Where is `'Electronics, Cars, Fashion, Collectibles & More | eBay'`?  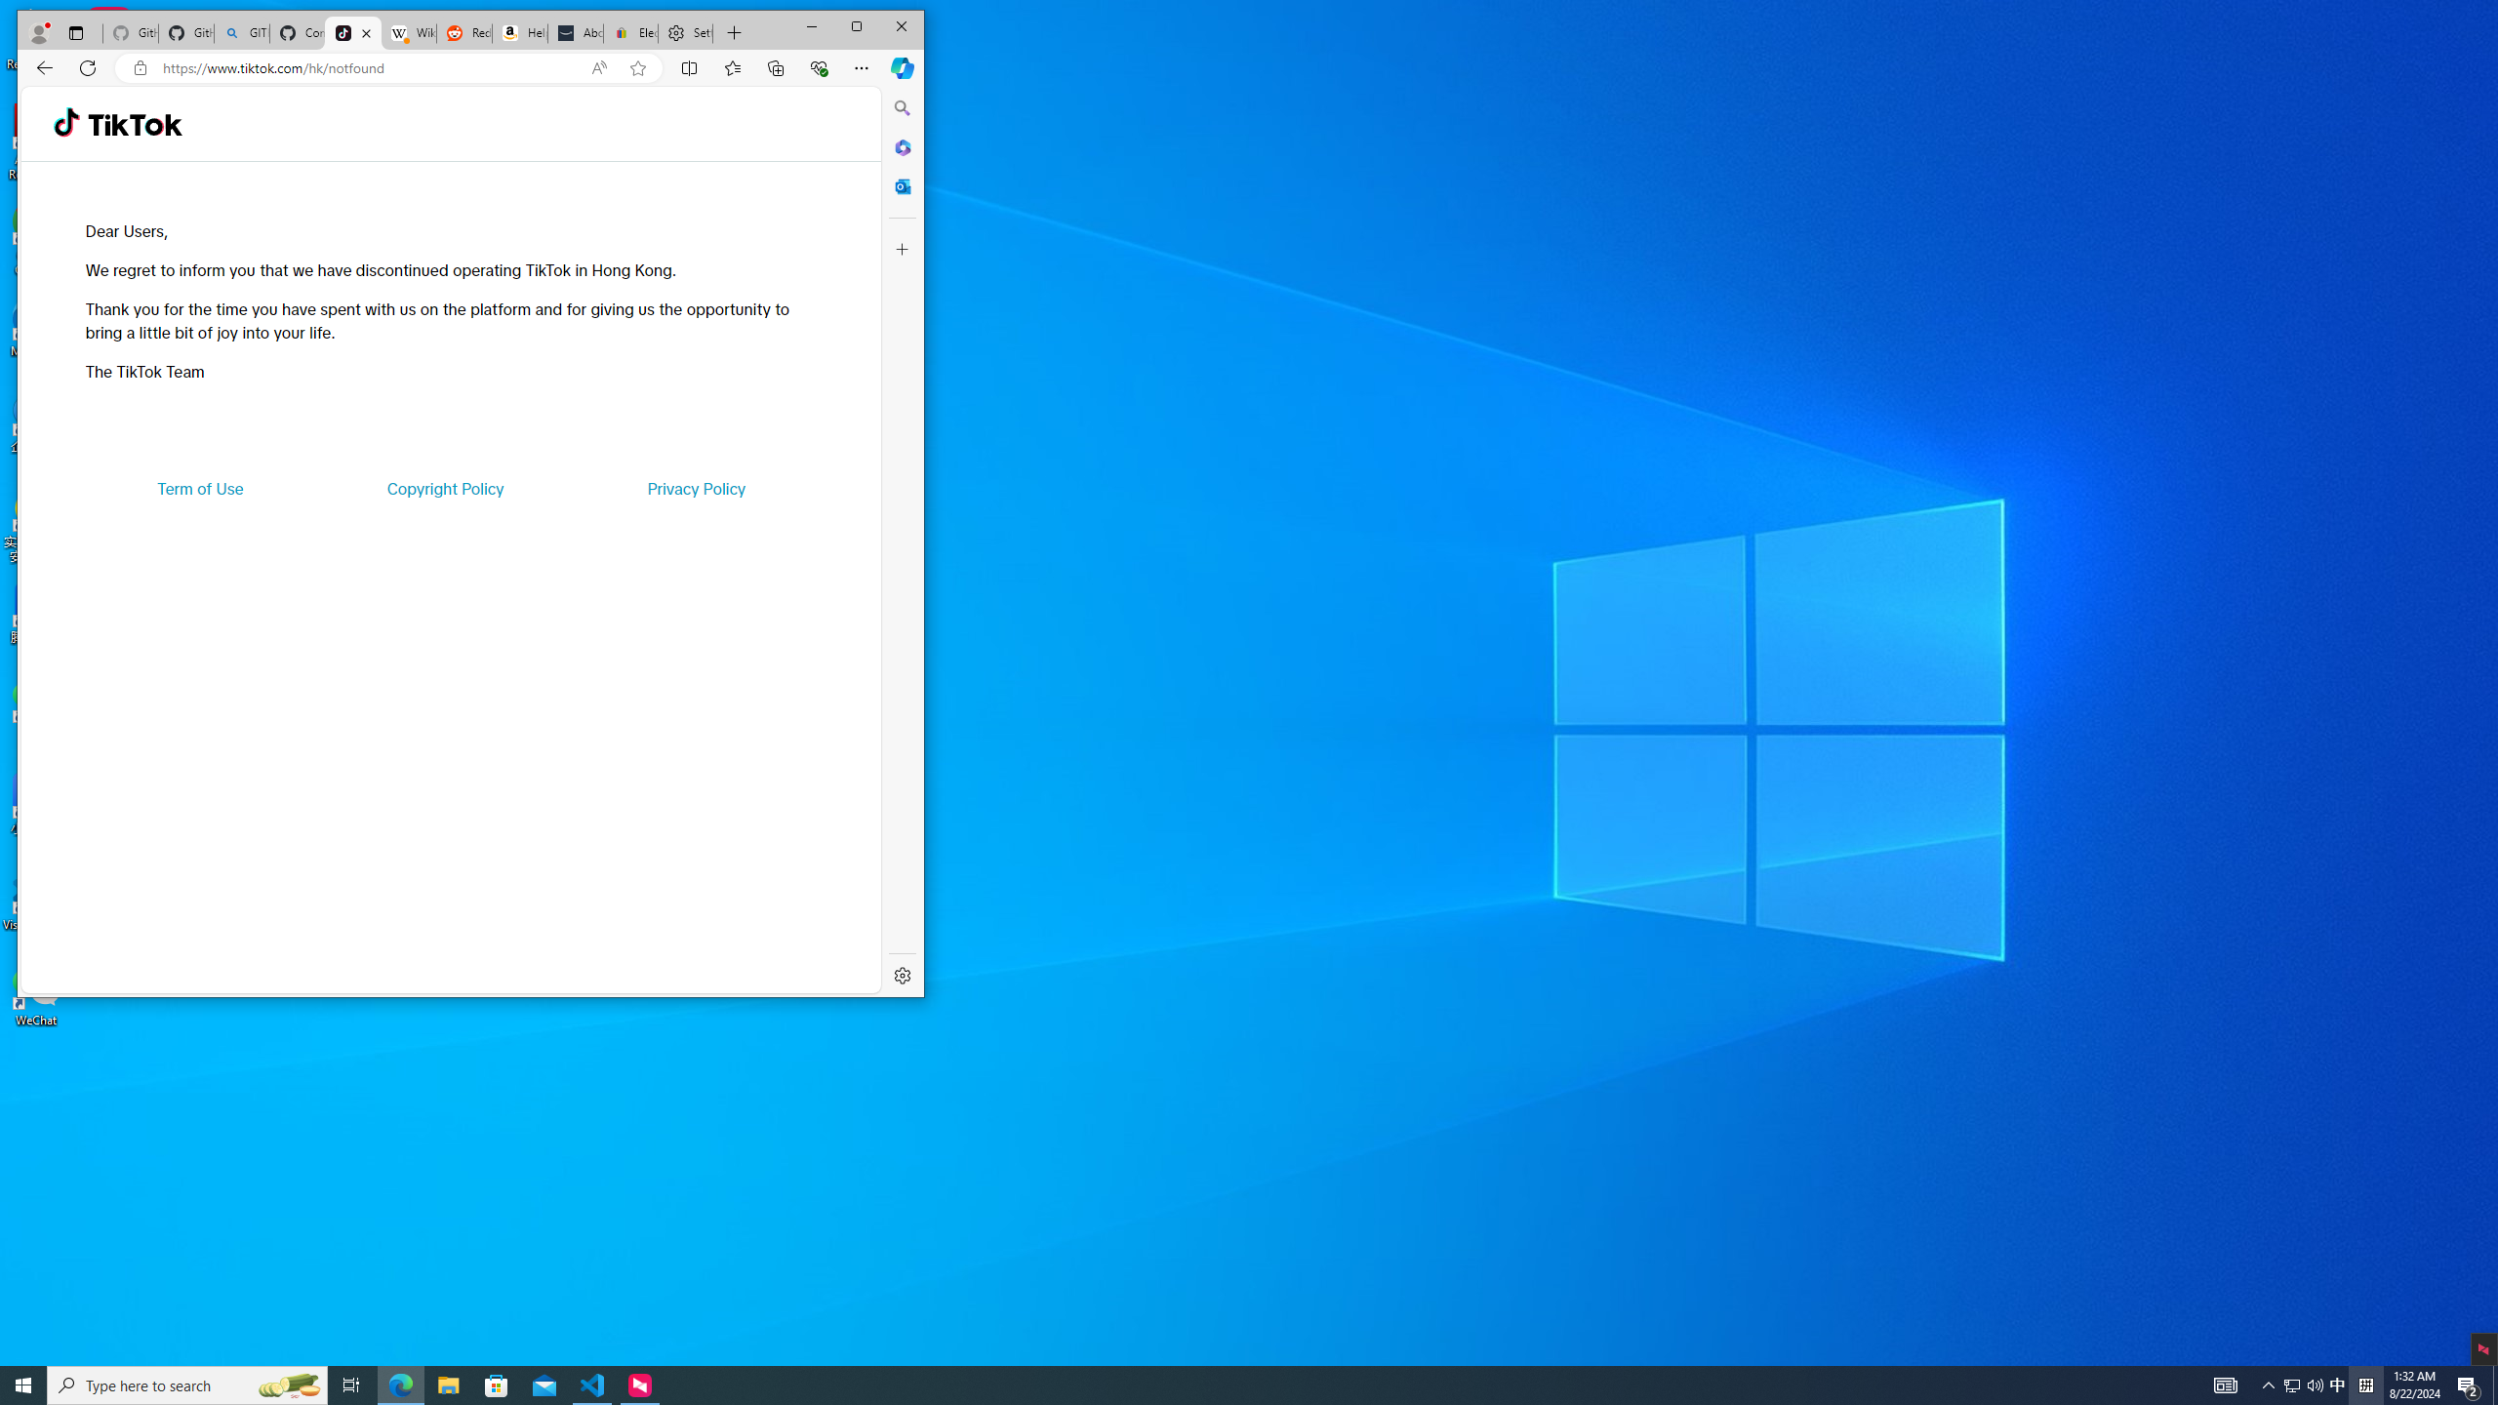
'Electronics, Cars, Fashion, Collectibles & More | eBay' is located at coordinates (629, 33).